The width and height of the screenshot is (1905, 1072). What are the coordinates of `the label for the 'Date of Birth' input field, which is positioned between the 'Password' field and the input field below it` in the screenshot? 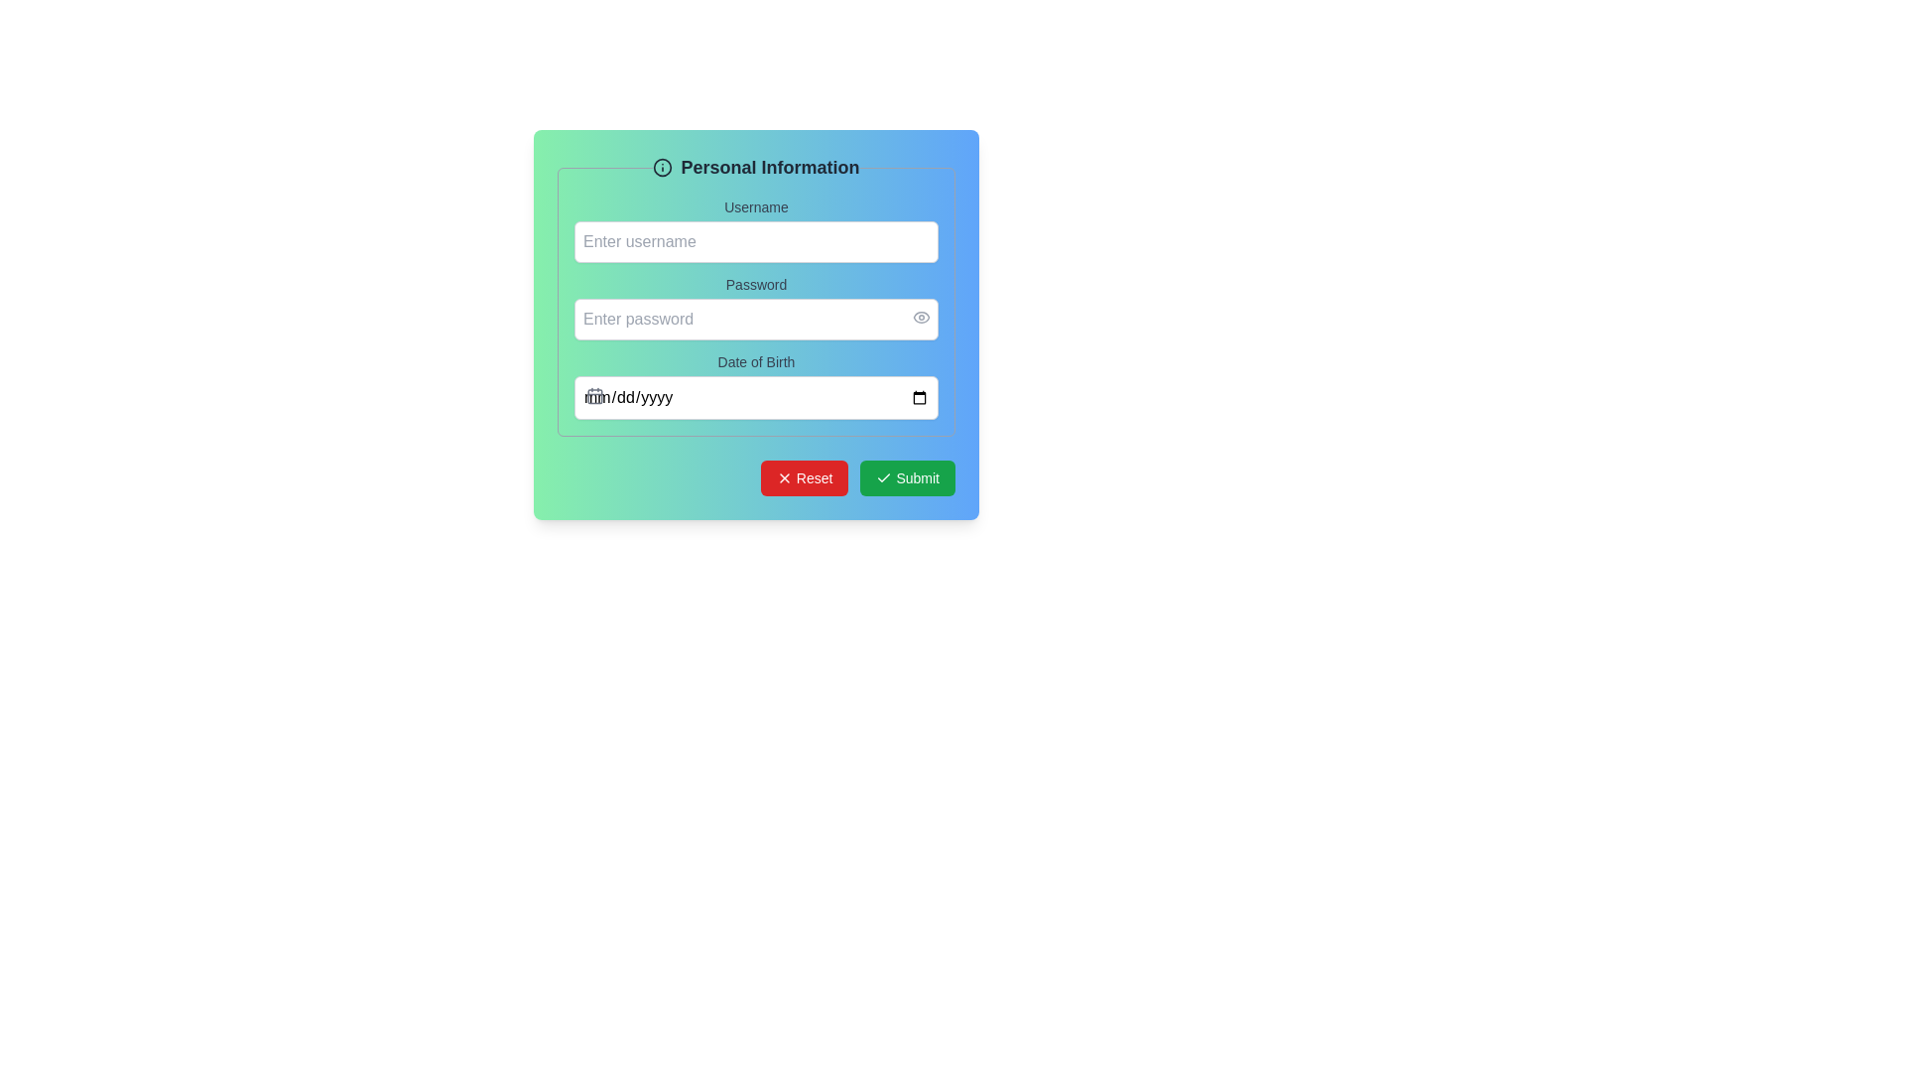 It's located at (755, 362).